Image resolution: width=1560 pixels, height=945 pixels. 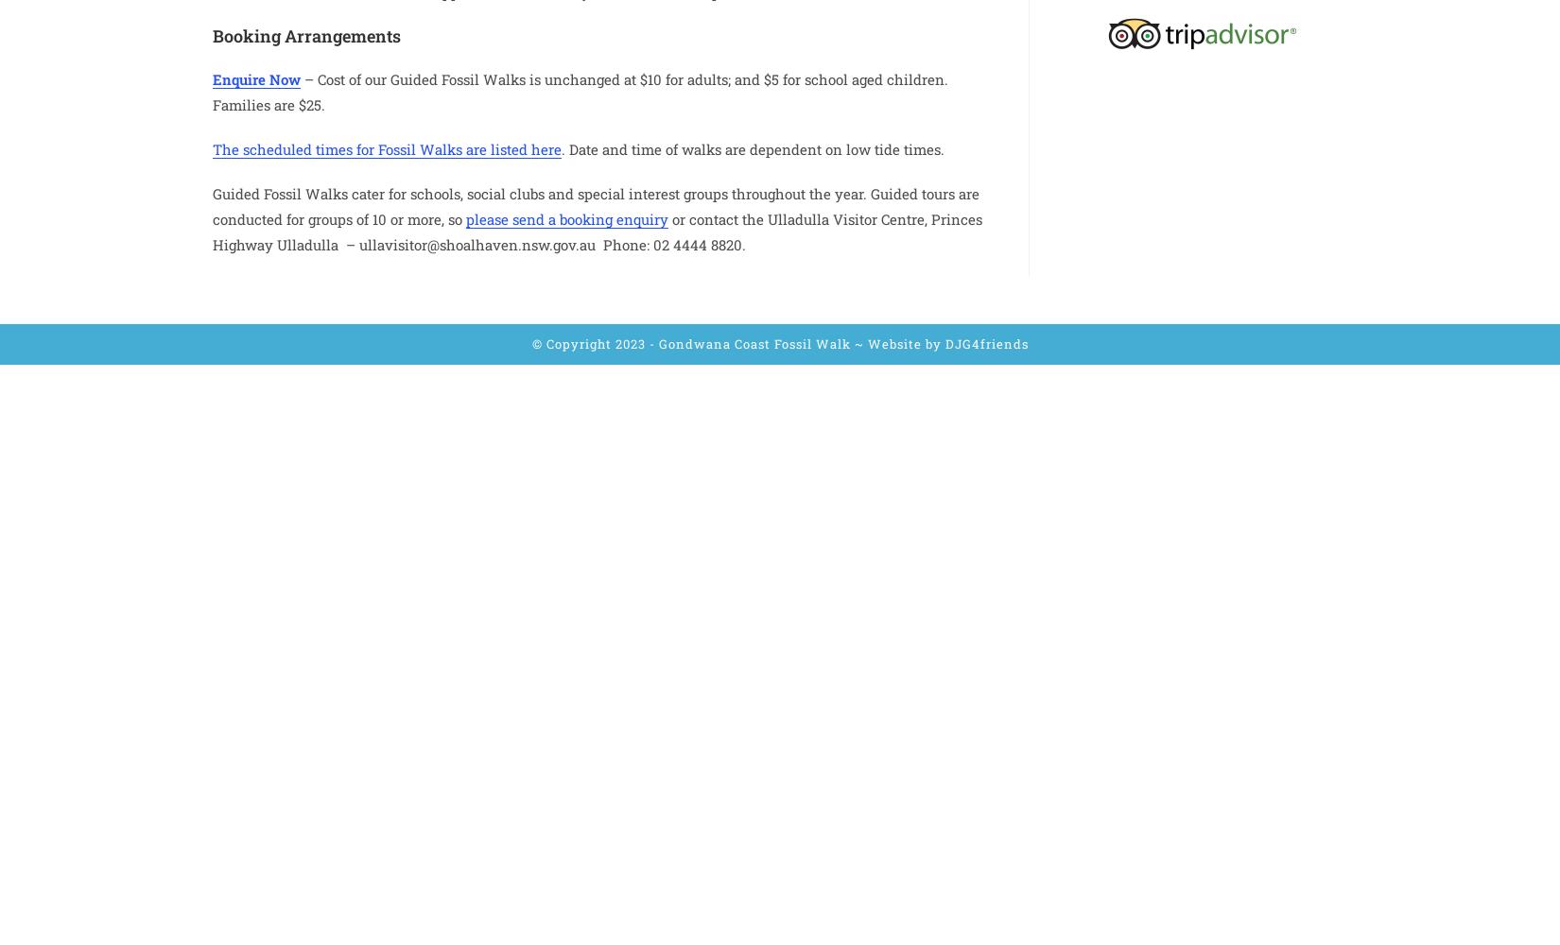 I want to click on 'please send a booking enquiry', so click(x=565, y=217).